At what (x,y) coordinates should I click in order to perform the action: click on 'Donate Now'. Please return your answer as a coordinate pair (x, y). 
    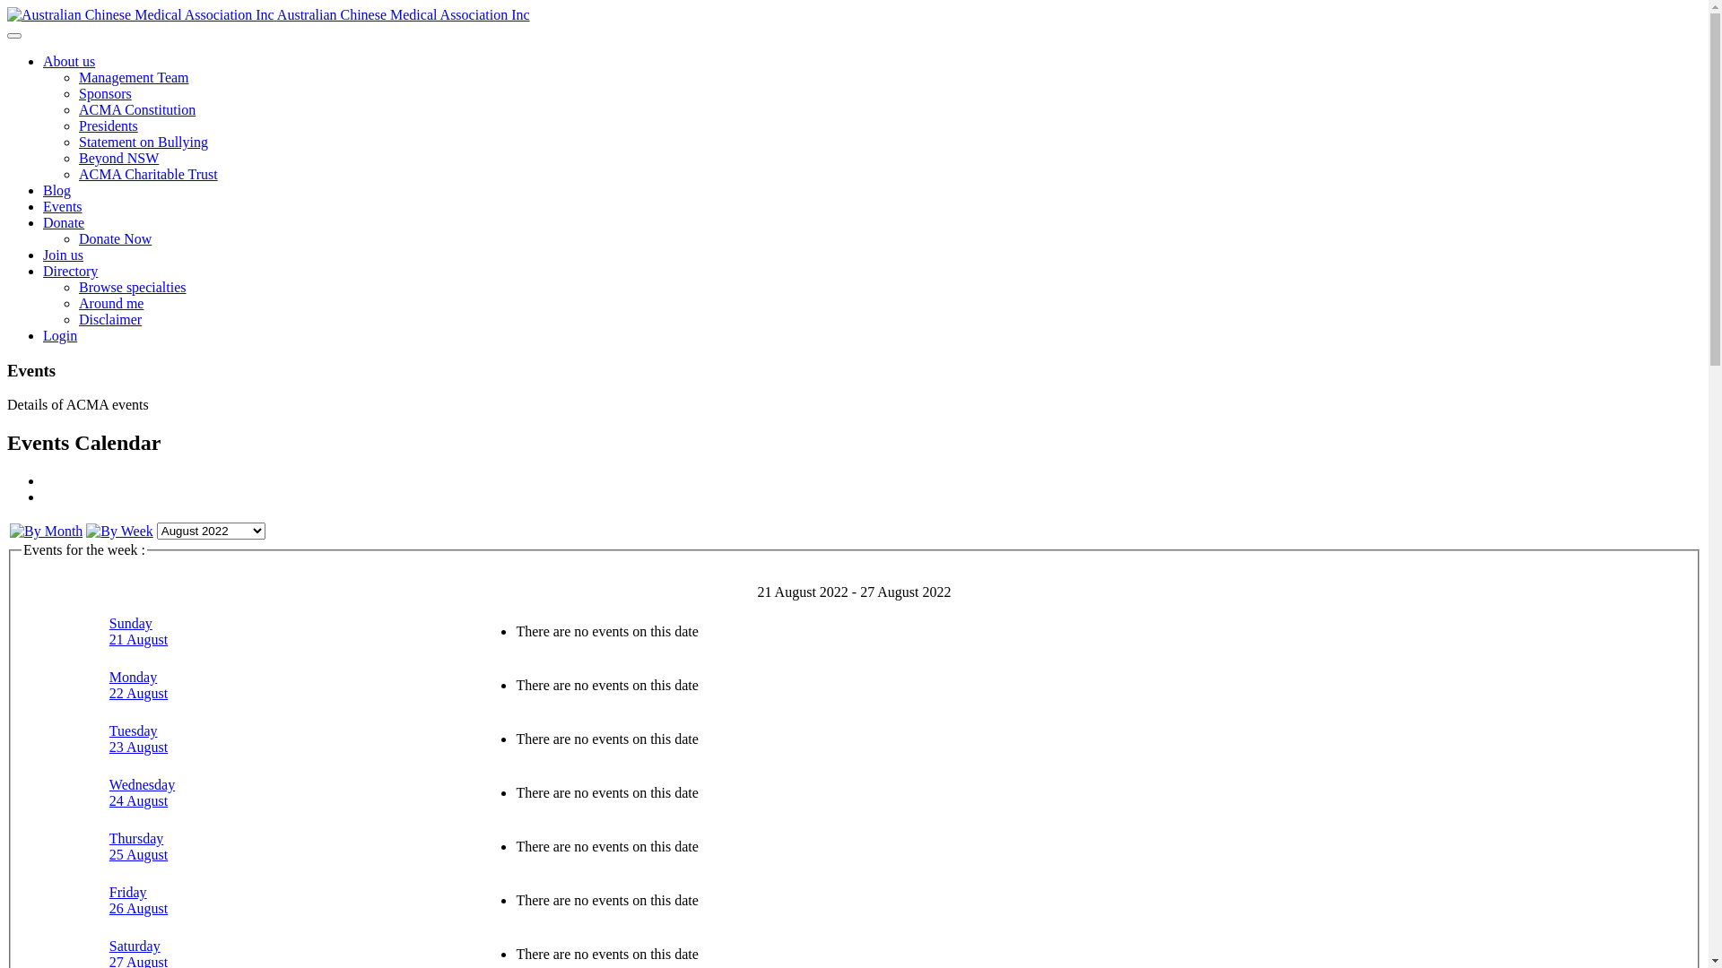
    Looking at the image, I should click on (114, 238).